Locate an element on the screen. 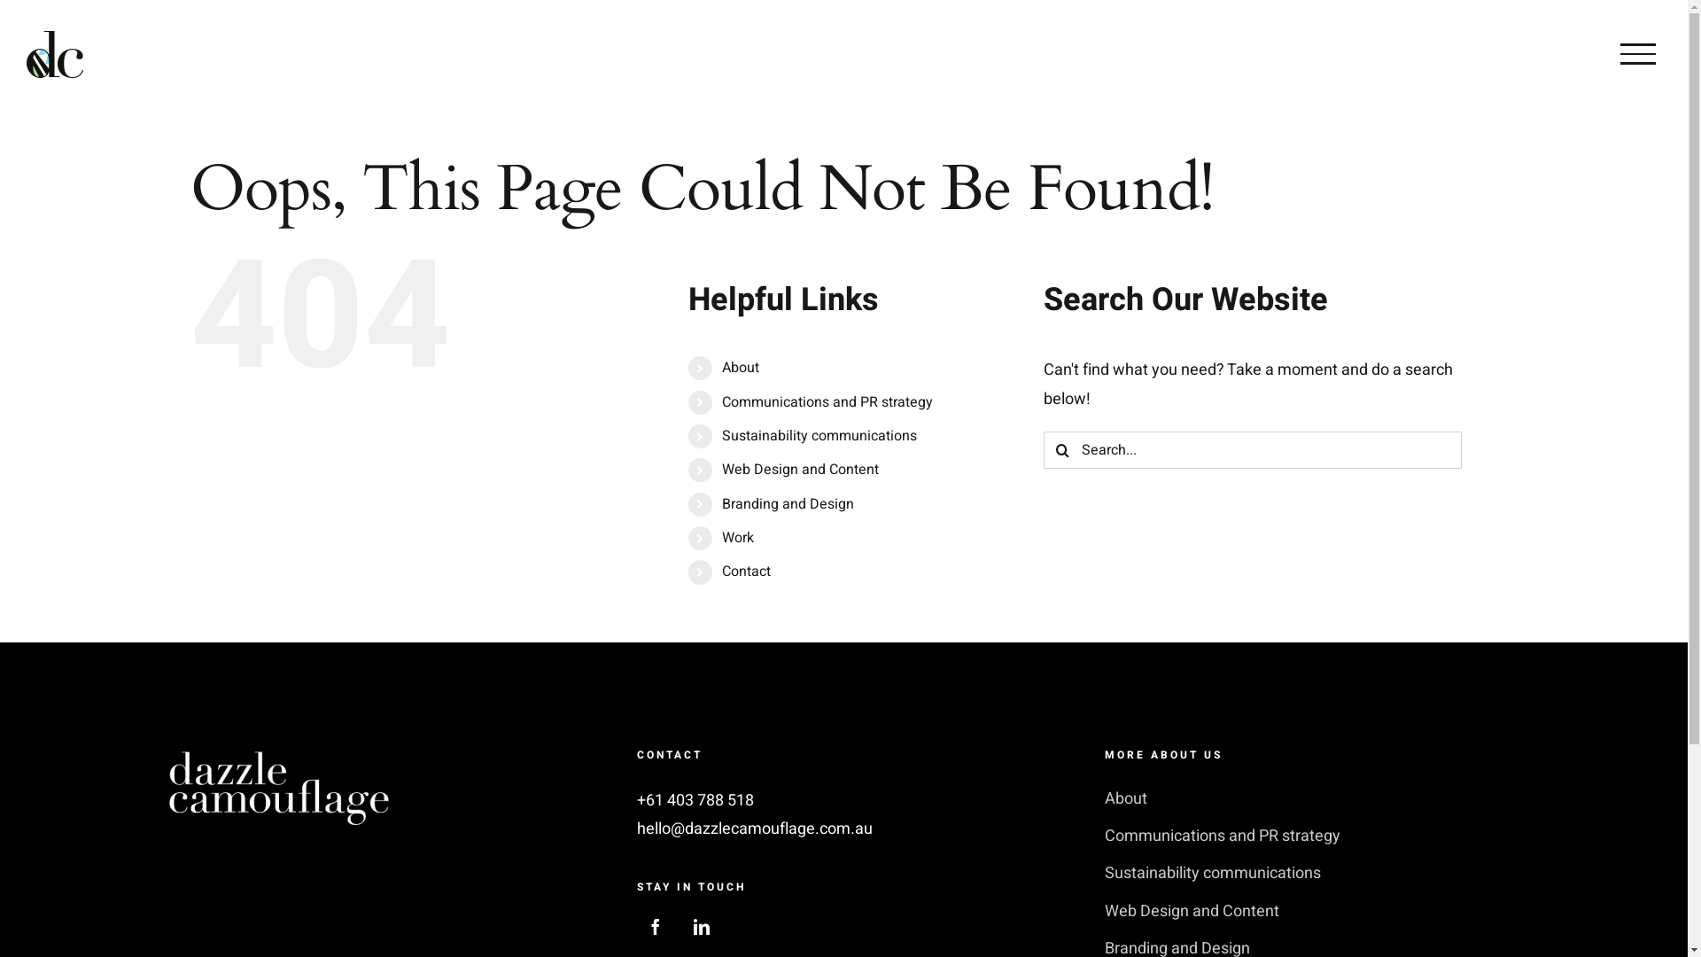 The image size is (1701, 957). 'Branding and Design' is located at coordinates (787, 504).